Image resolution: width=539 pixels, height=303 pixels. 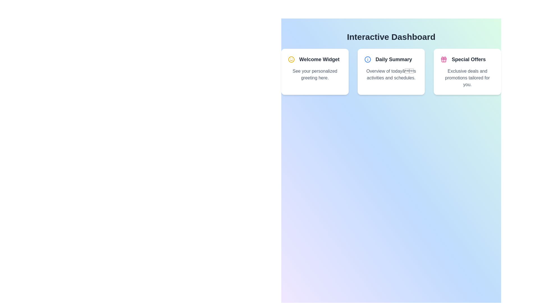 I want to click on the header element with an icon indicating special offers or promotions, located on the rightmost side of the layout, above the description text, so click(x=467, y=59).